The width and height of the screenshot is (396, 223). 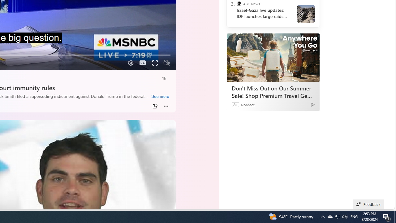 I want to click on 'Quality Settings', so click(x=130, y=63).